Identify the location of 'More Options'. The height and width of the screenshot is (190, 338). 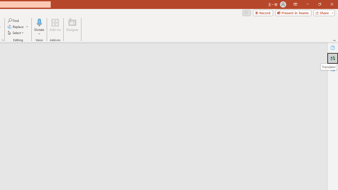
(39, 32).